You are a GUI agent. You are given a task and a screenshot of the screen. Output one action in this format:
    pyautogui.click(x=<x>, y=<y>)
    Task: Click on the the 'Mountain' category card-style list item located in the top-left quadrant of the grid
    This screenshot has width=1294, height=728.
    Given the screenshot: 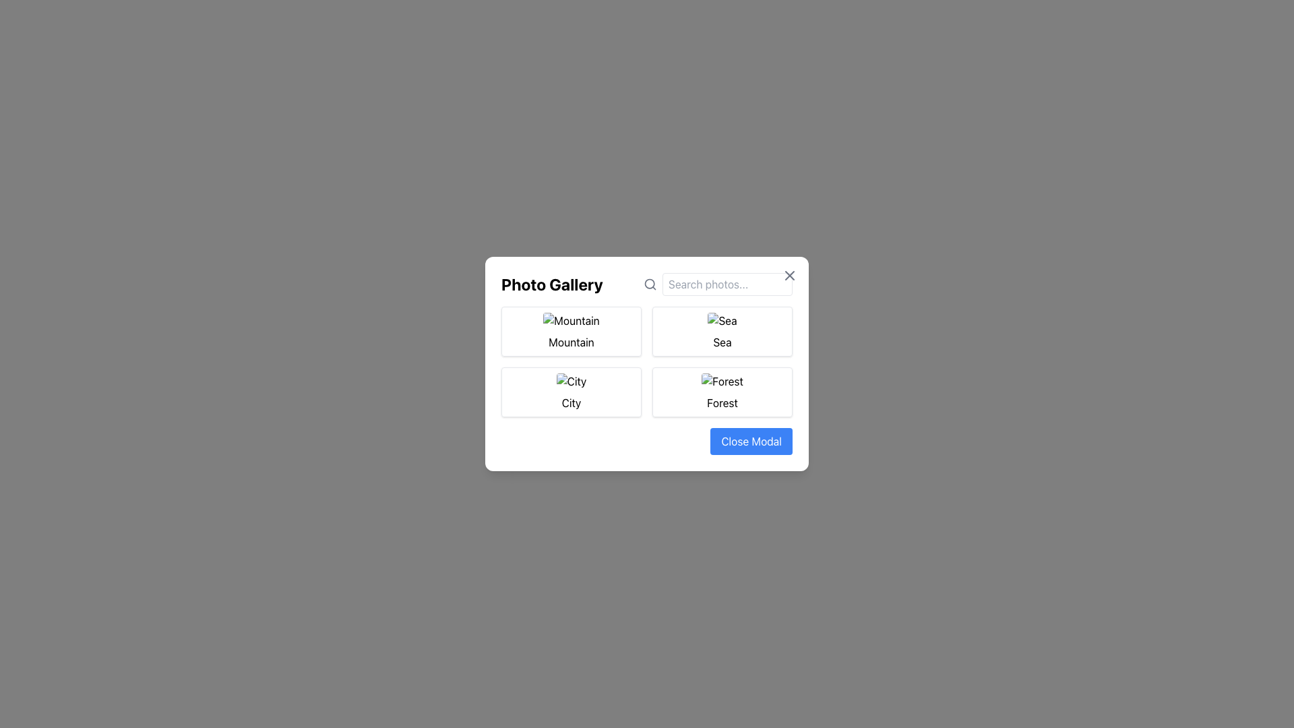 What is the action you would take?
    pyautogui.click(x=572, y=332)
    